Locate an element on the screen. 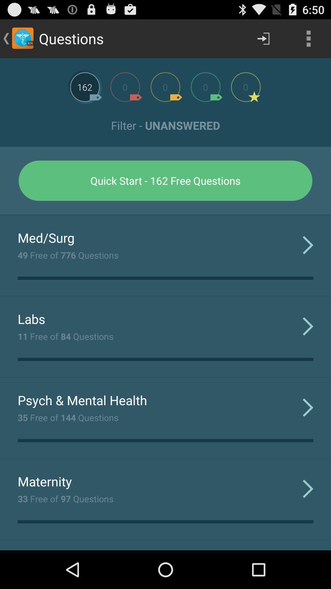 The image size is (331, 589). labs item is located at coordinates (31, 319).